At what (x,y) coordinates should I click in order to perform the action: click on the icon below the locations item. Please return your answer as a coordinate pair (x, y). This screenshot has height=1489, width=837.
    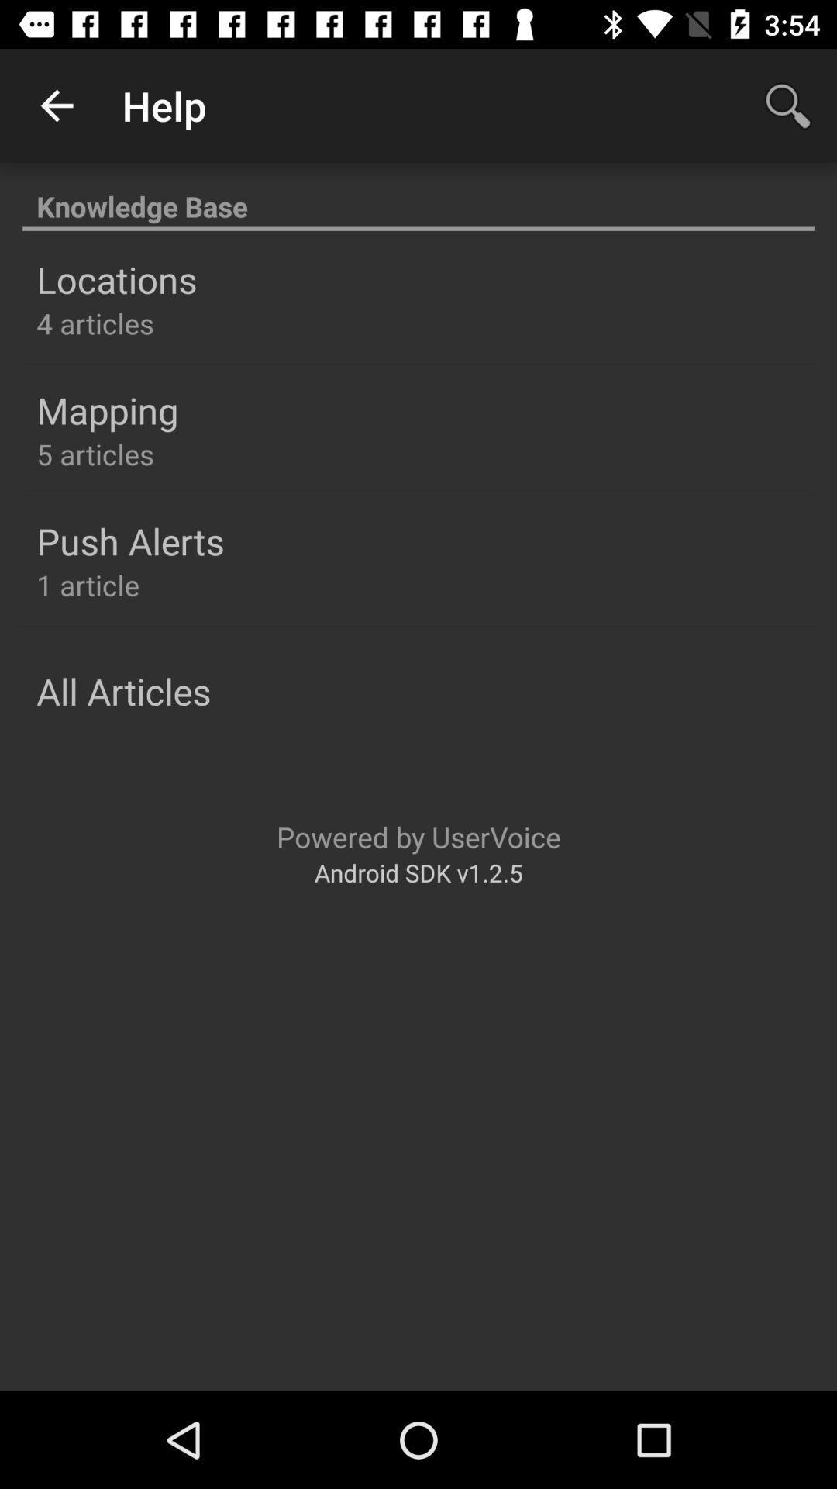
    Looking at the image, I should click on (95, 323).